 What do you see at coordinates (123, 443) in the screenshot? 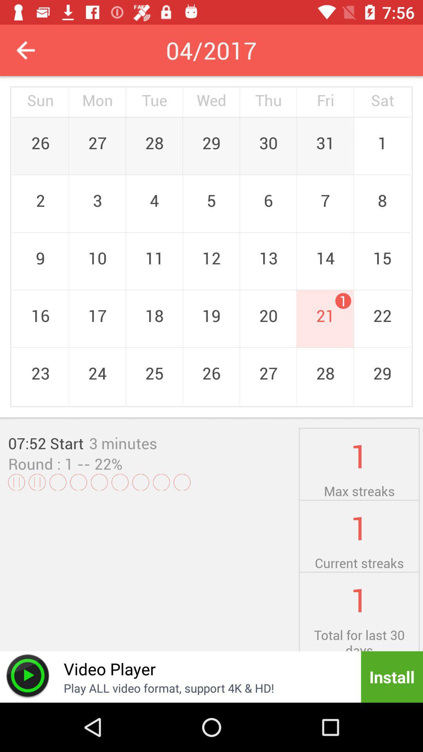
I see `the icon above the  -- 22% icon` at bounding box center [123, 443].